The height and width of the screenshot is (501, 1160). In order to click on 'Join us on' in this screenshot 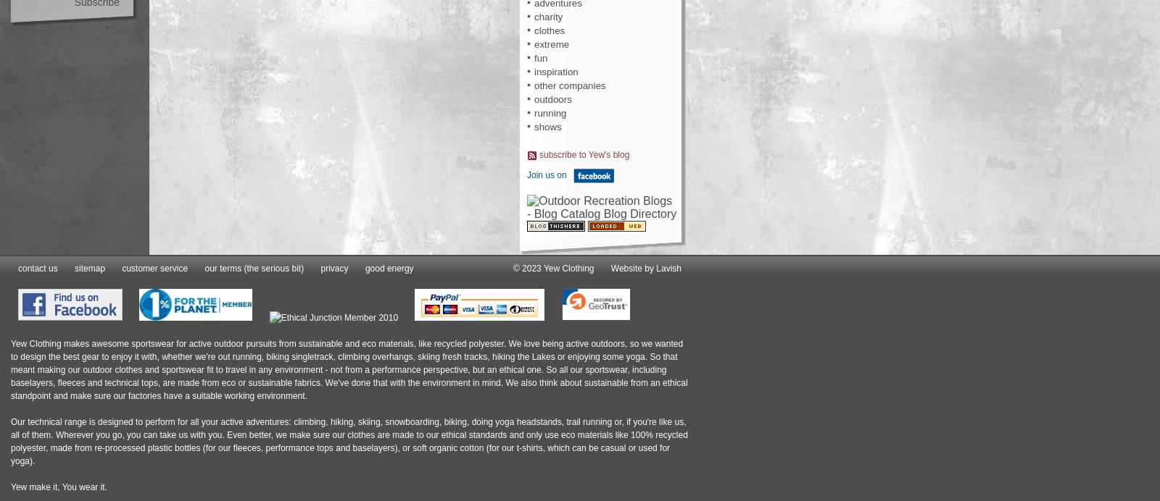, I will do `click(546, 174)`.